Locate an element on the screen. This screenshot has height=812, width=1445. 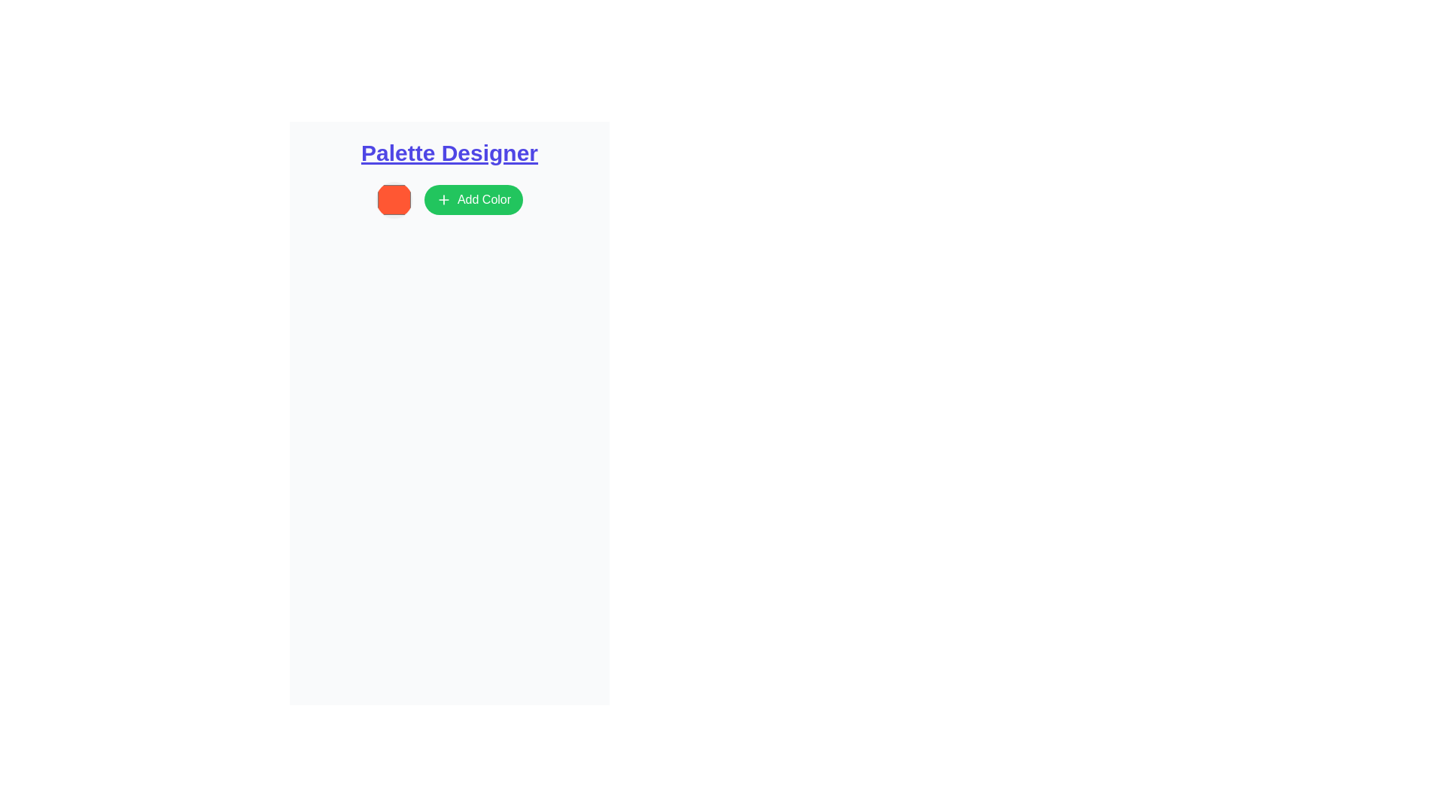
the button that adds a new color to the palette system, located slightly below the 'Palette Designer' heading and to the right of the orange color preview box is located at coordinates (449, 199).